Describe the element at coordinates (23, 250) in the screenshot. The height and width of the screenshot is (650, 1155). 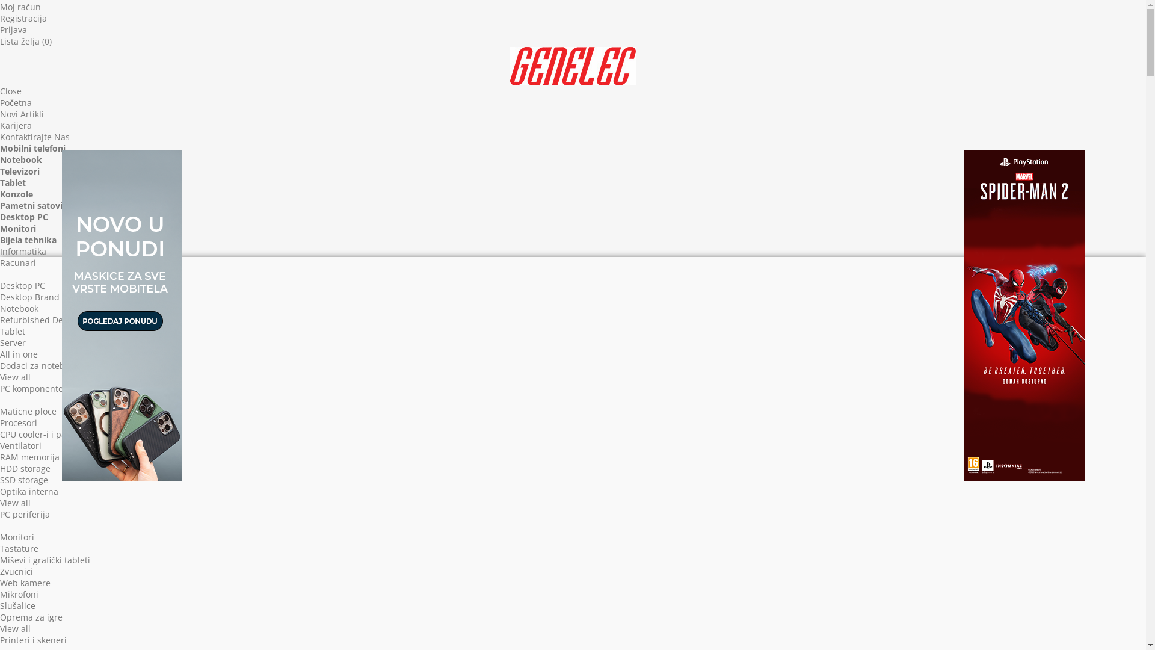
I see `'Informatika'` at that location.